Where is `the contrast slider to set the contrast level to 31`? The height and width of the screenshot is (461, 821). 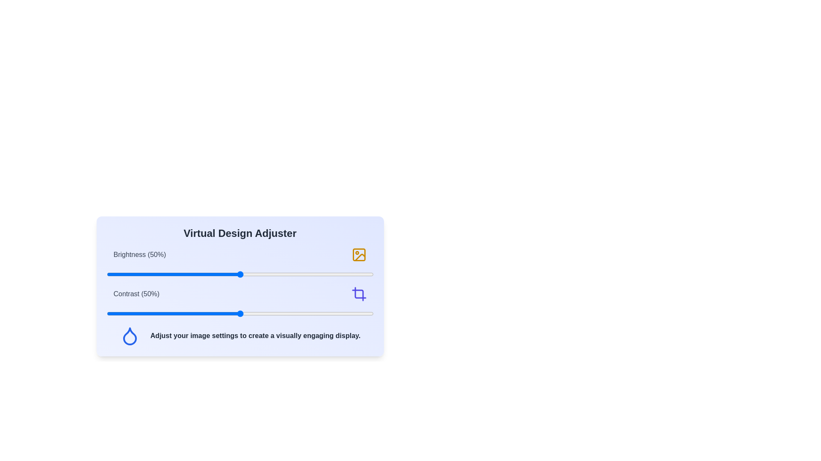
the contrast slider to set the contrast level to 31 is located at coordinates (189, 314).